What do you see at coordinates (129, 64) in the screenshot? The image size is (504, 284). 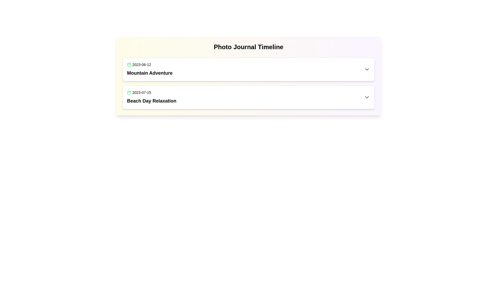 I see `the small rectangular decorative element with rounded corners, which is part of the calendar icon located to the left of the text '2023-06-12 Mountain Adventure'` at bounding box center [129, 64].